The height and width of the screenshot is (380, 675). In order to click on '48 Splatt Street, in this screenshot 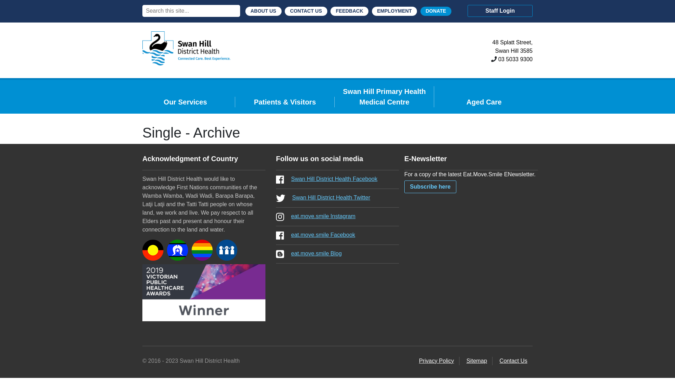, I will do `click(512, 46)`.